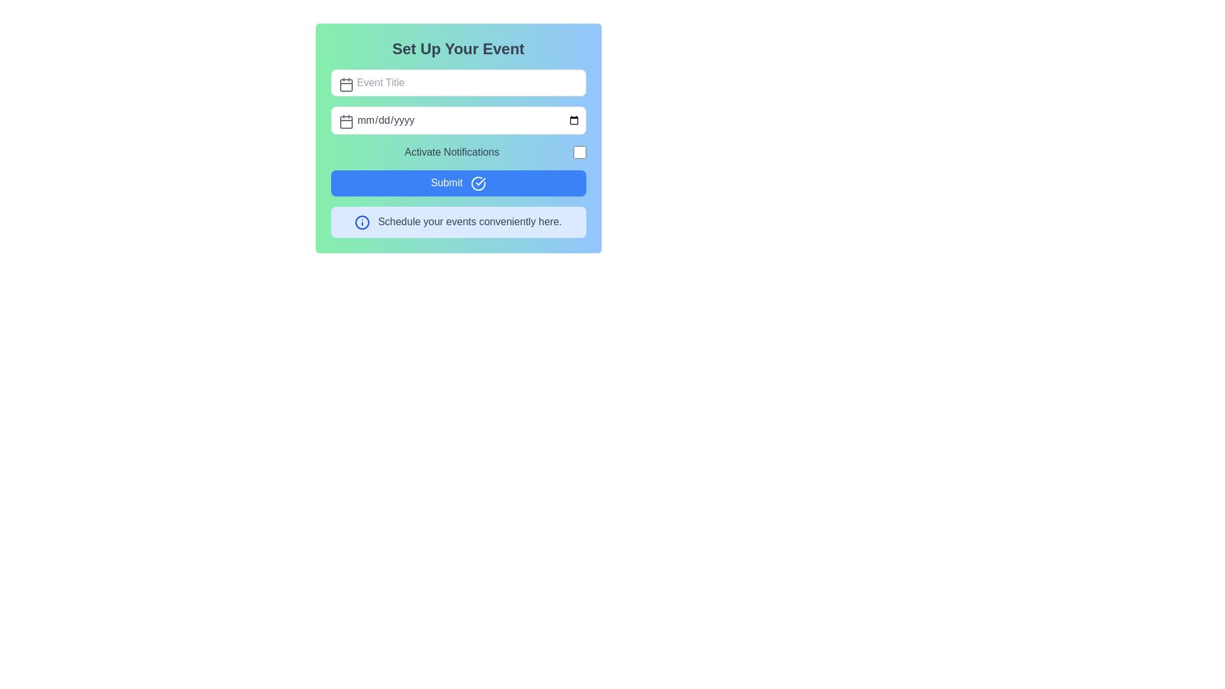 The height and width of the screenshot is (689, 1225). I want to click on the status icon that signifies completion or validation, located within the 'Submit' button, just below the 'Activate Notifications' checkbox, so click(477, 183).